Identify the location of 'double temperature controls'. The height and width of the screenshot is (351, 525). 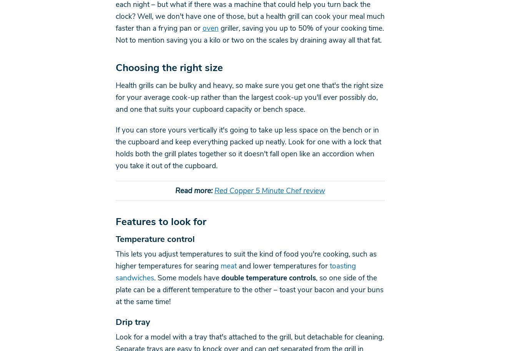
(268, 277).